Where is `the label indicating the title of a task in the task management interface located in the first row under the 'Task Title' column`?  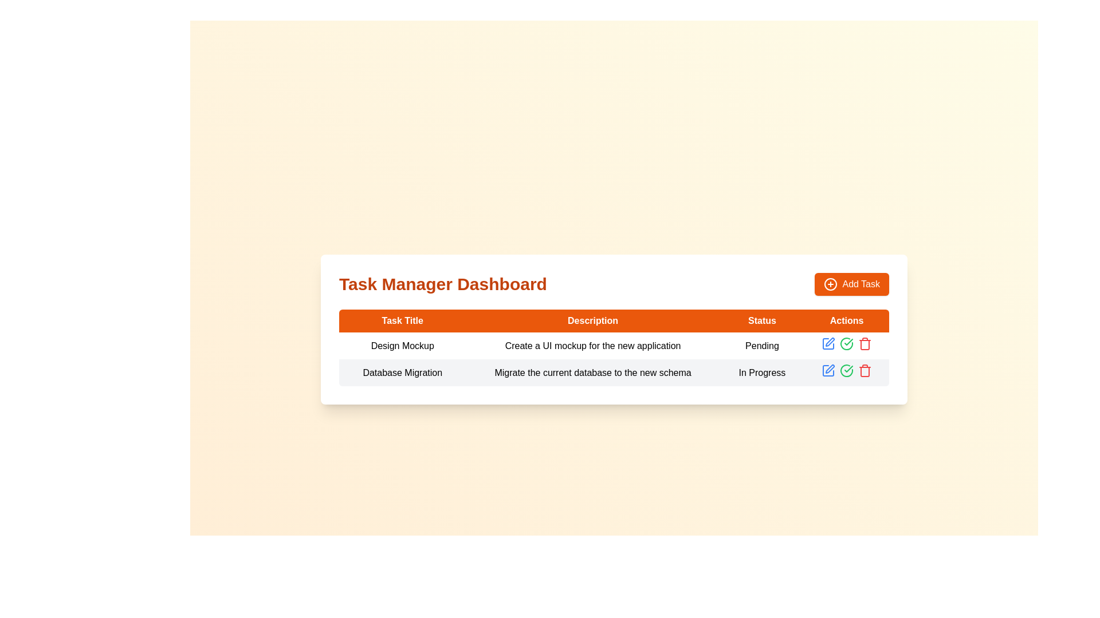
the label indicating the title of a task in the task management interface located in the first row under the 'Task Title' column is located at coordinates (402, 345).